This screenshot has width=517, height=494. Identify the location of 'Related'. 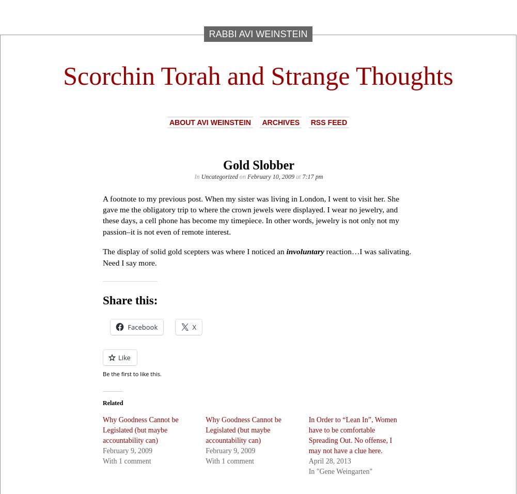
(112, 402).